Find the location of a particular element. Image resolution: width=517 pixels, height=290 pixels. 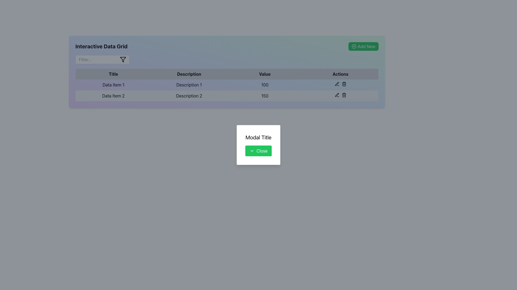

the display text element reading 'Data Item 2' located in the second row of the data grid under the 'Title' column is located at coordinates (113, 96).